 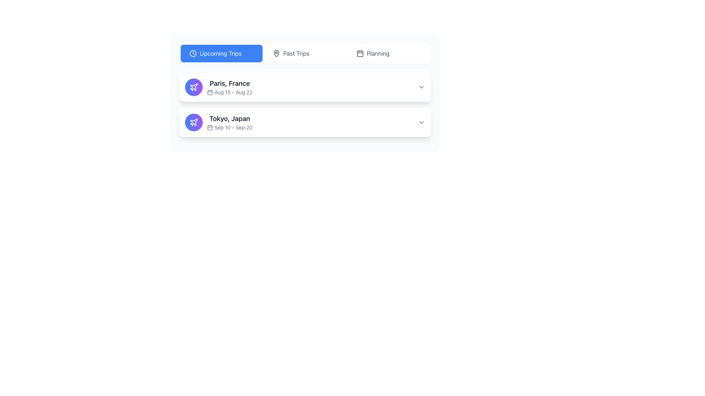 What do you see at coordinates (305, 122) in the screenshot?
I see `the second List card item in the list of trips or events` at bounding box center [305, 122].